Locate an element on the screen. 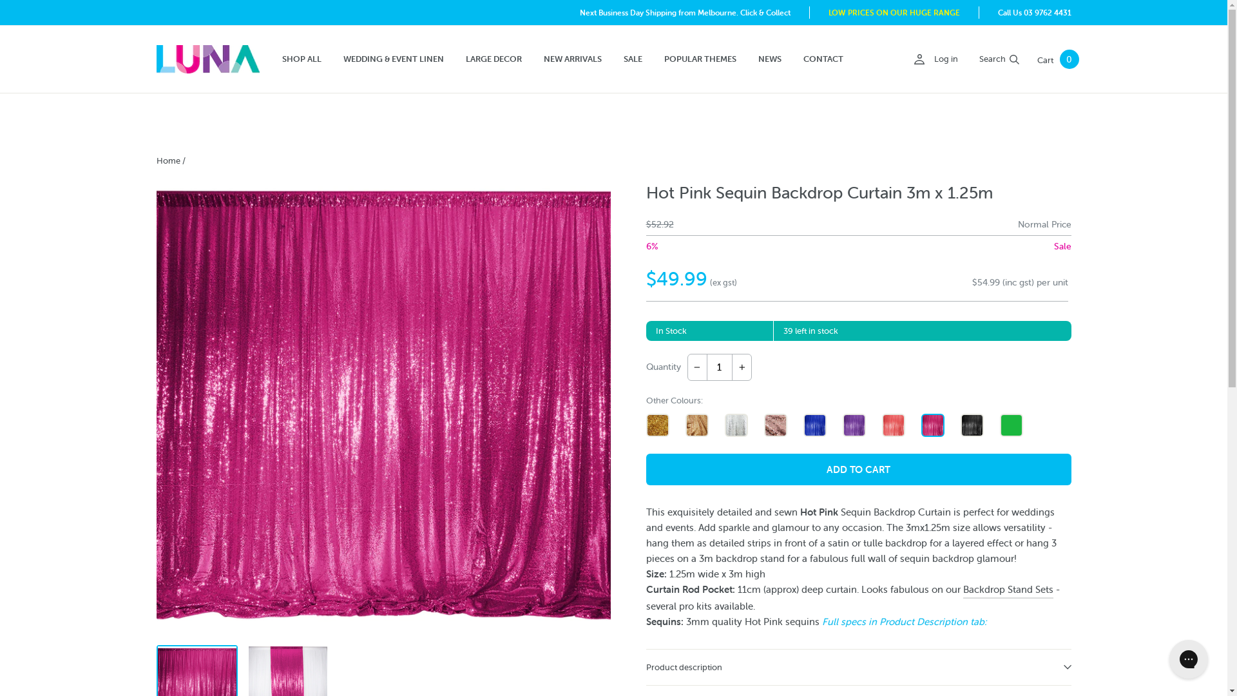 Image resolution: width=1237 pixels, height=696 pixels. 'Sequin Red' is located at coordinates (892, 425).